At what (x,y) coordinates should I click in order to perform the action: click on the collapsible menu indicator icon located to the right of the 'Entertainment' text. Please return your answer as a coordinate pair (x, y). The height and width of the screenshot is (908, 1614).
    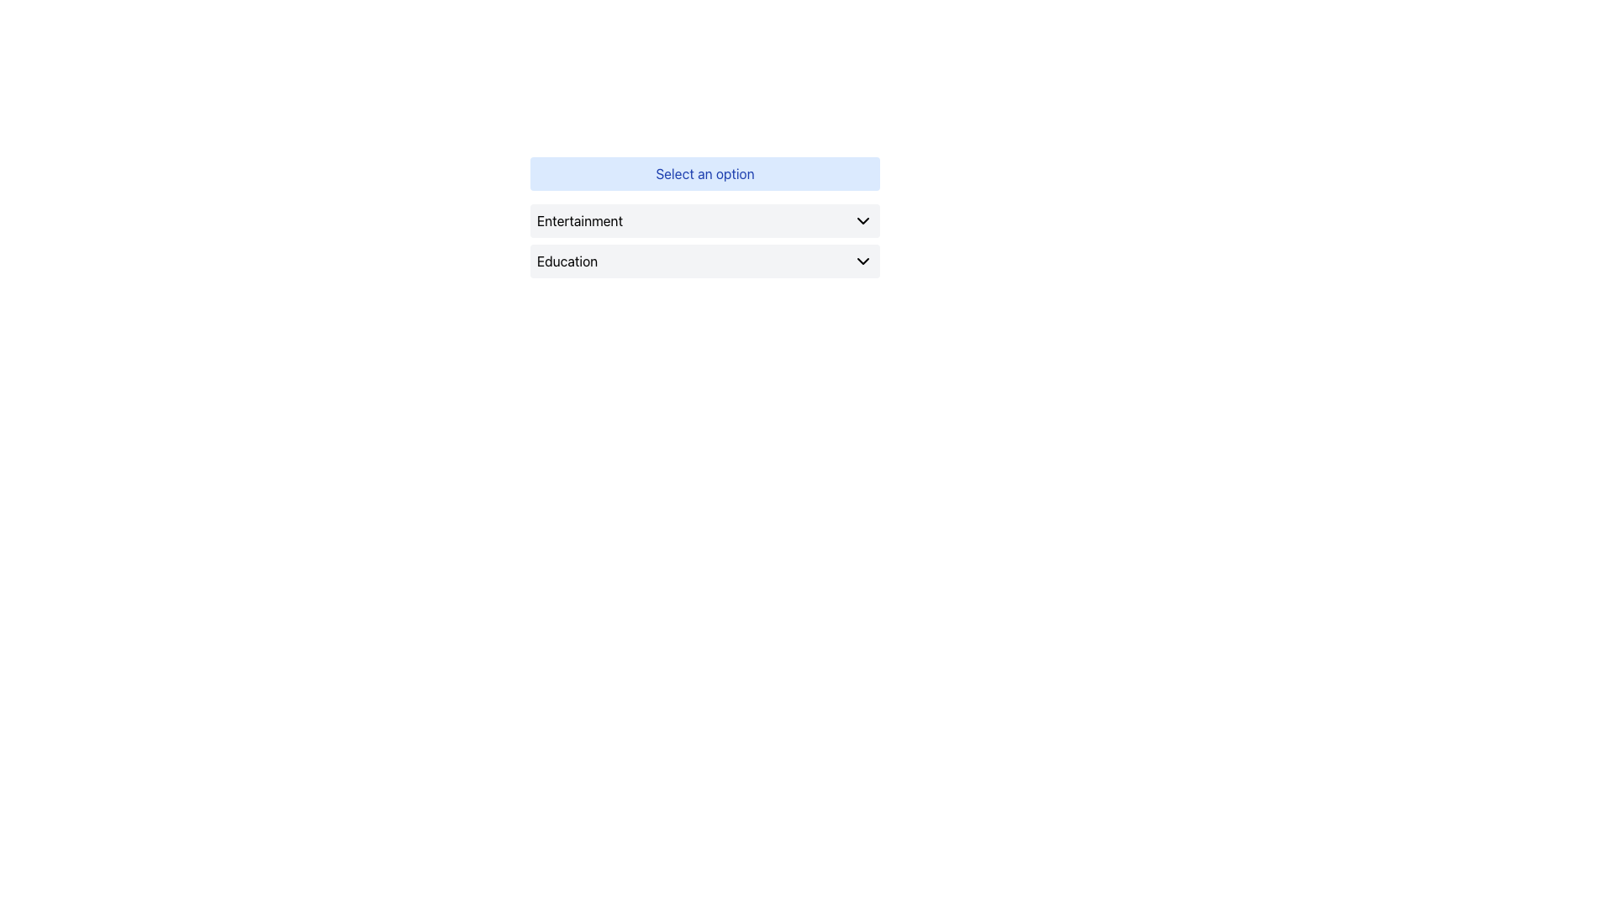
    Looking at the image, I should click on (863, 219).